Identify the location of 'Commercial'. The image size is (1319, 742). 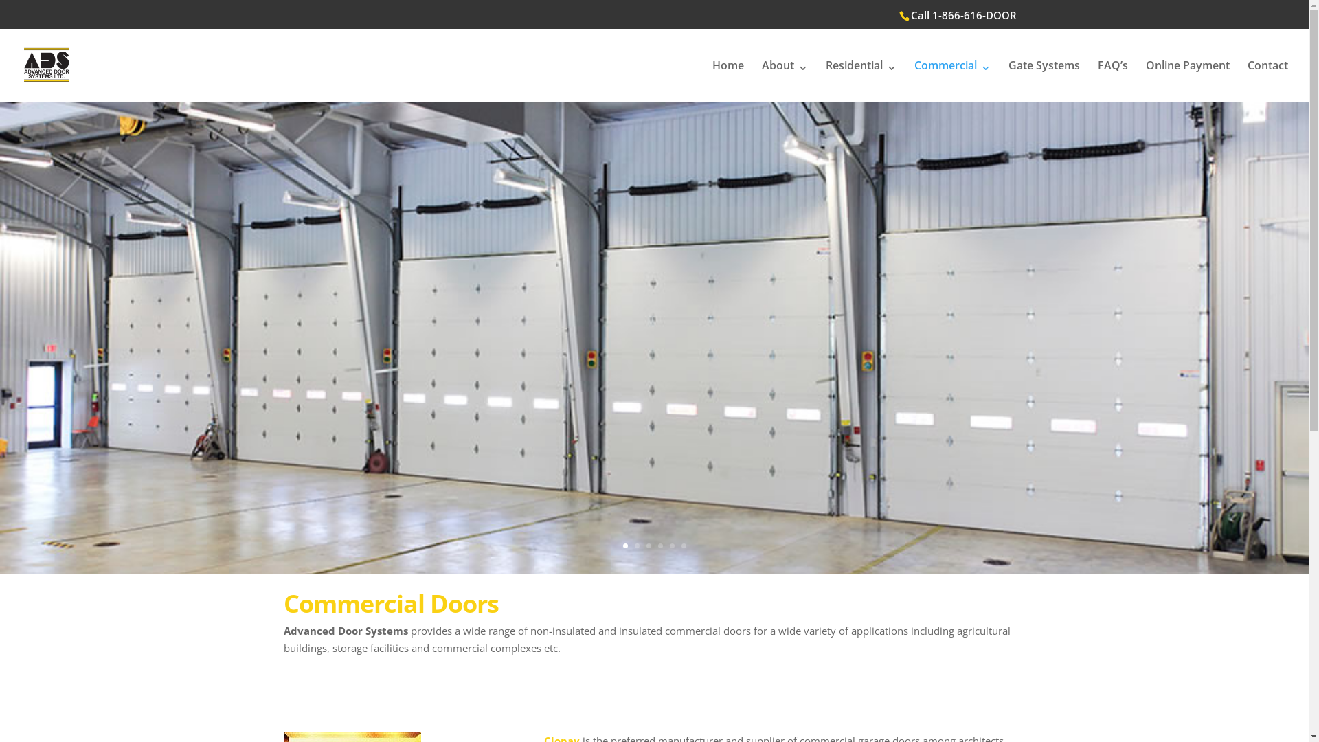
(914, 81).